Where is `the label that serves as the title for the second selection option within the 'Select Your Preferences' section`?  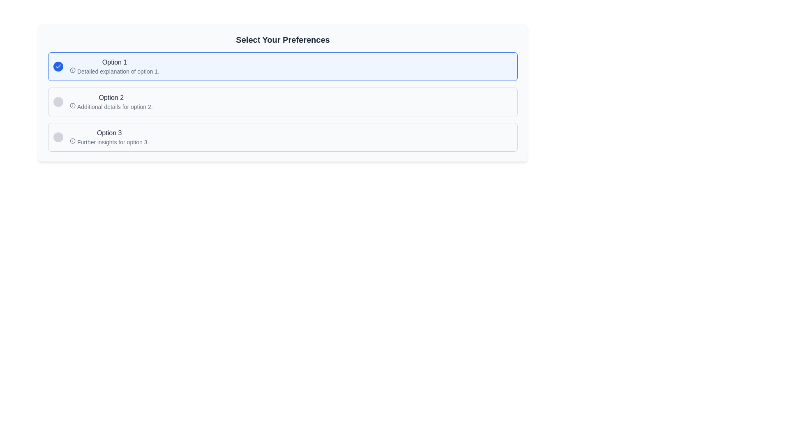 the label that serves as the title for the second selection option within the 'Select Your Preferences' section is located at coordinates (111, 97).